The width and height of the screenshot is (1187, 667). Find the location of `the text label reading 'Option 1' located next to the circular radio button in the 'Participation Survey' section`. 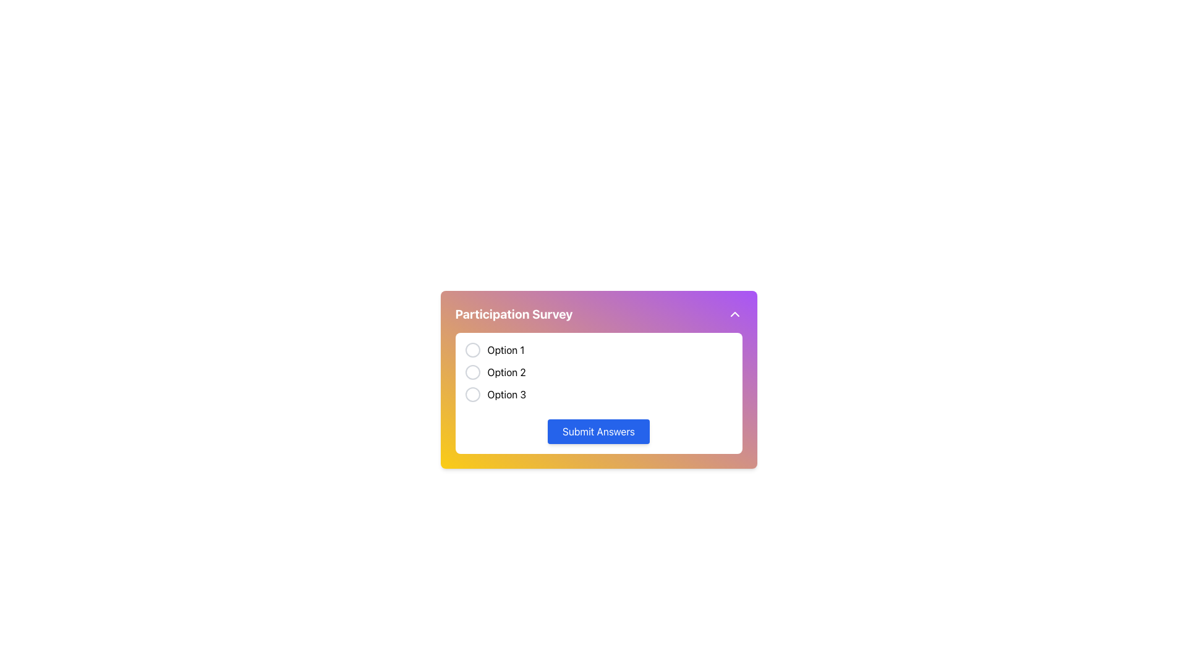

the text label reading 'Option 1' located next to the circular radio button in the 'Participation Survey' section is located at coordinates (506, 350).